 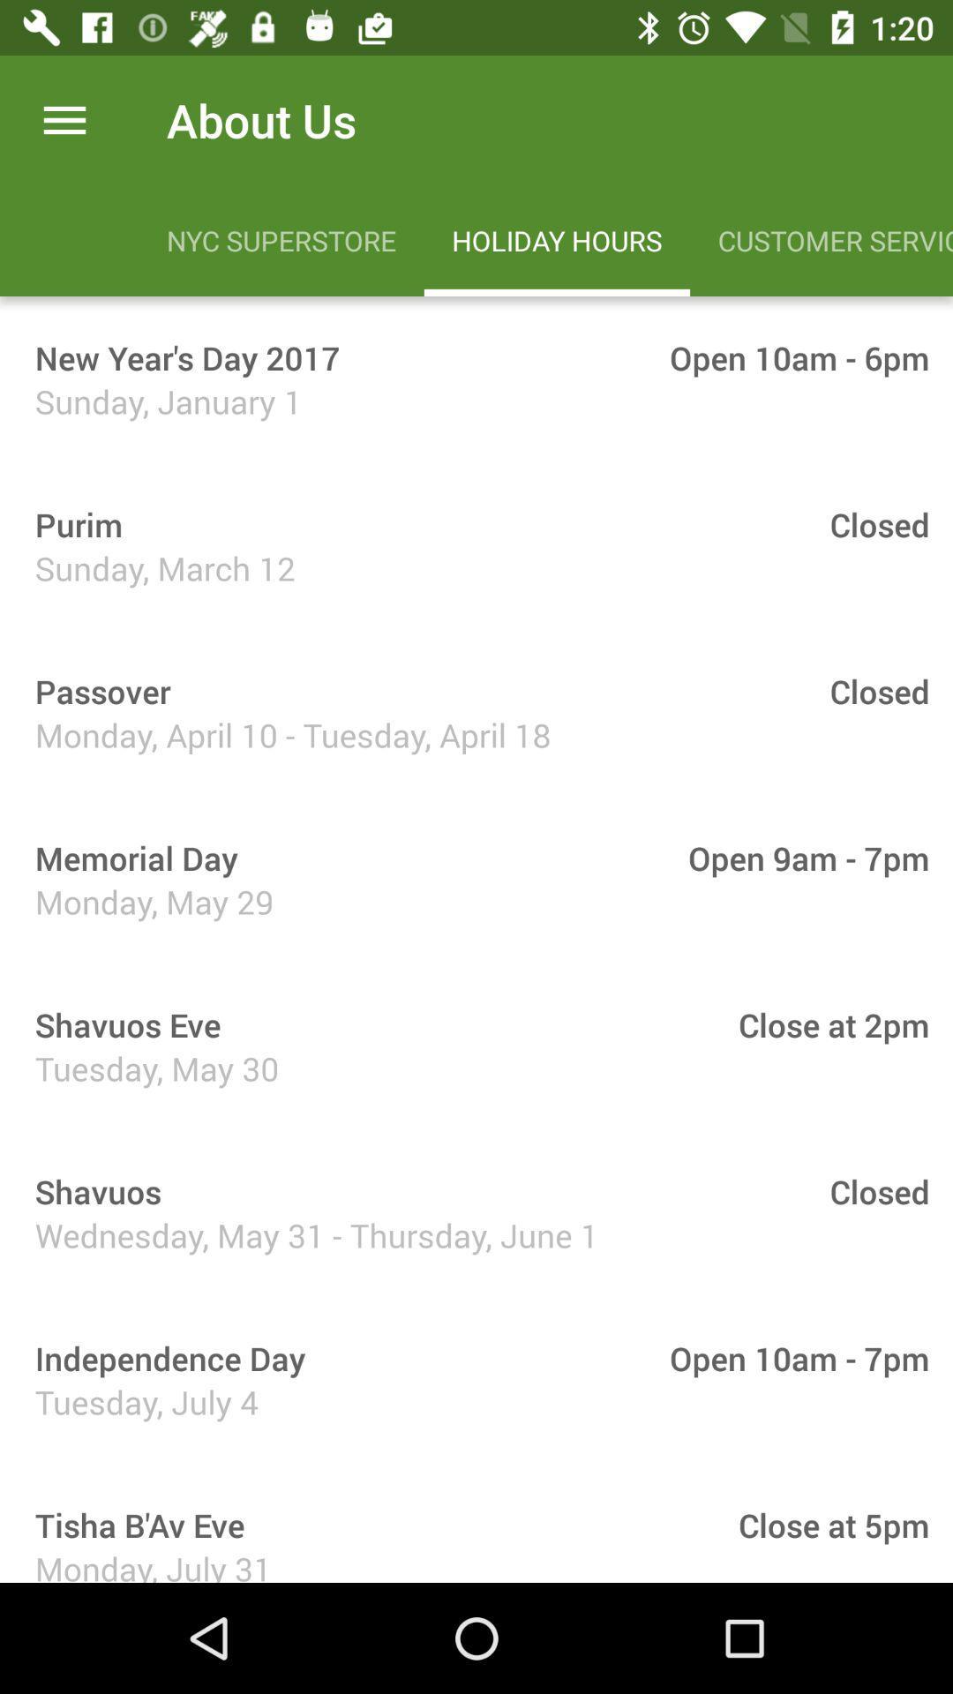 I want to click on the passover, so click(x=96, y=690).